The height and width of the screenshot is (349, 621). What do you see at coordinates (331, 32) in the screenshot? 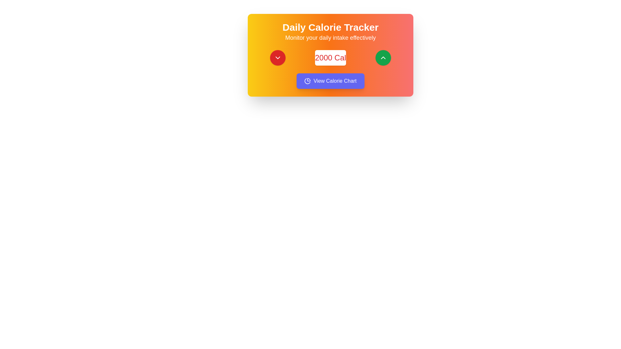
I see `the heading and subheading text block that displays 'Daily Calorie Tracker' and 'Monitor your daily intake effectively'` at bounding box center [331, 32].